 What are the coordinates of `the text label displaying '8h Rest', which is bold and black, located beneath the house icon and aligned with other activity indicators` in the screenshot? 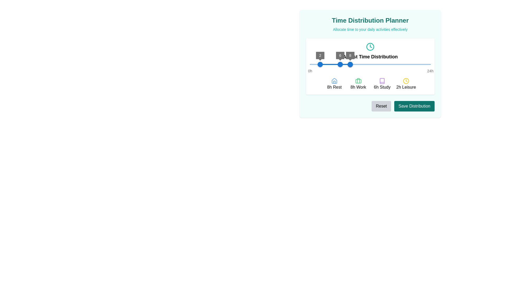 It's located at (334, 87).